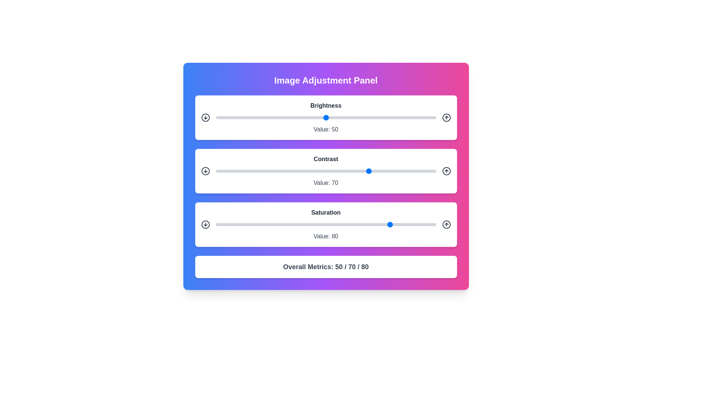 The image size is (714, 401). I want to click on contrast, so click(268, 171).